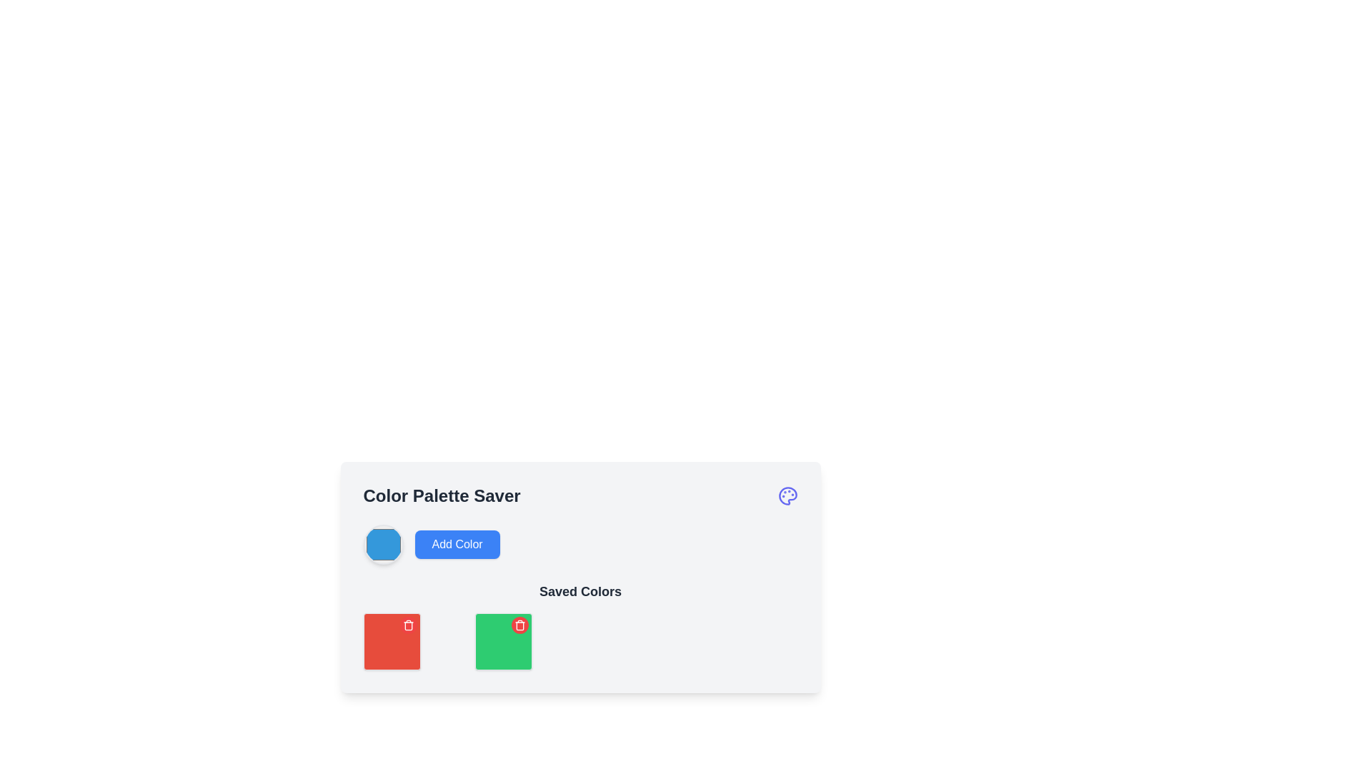 The image size is (1372, 771). Describe the element at coordinates (580, 545) in the screenshot. I see `the color preview circle in the color addition interface` at that location.